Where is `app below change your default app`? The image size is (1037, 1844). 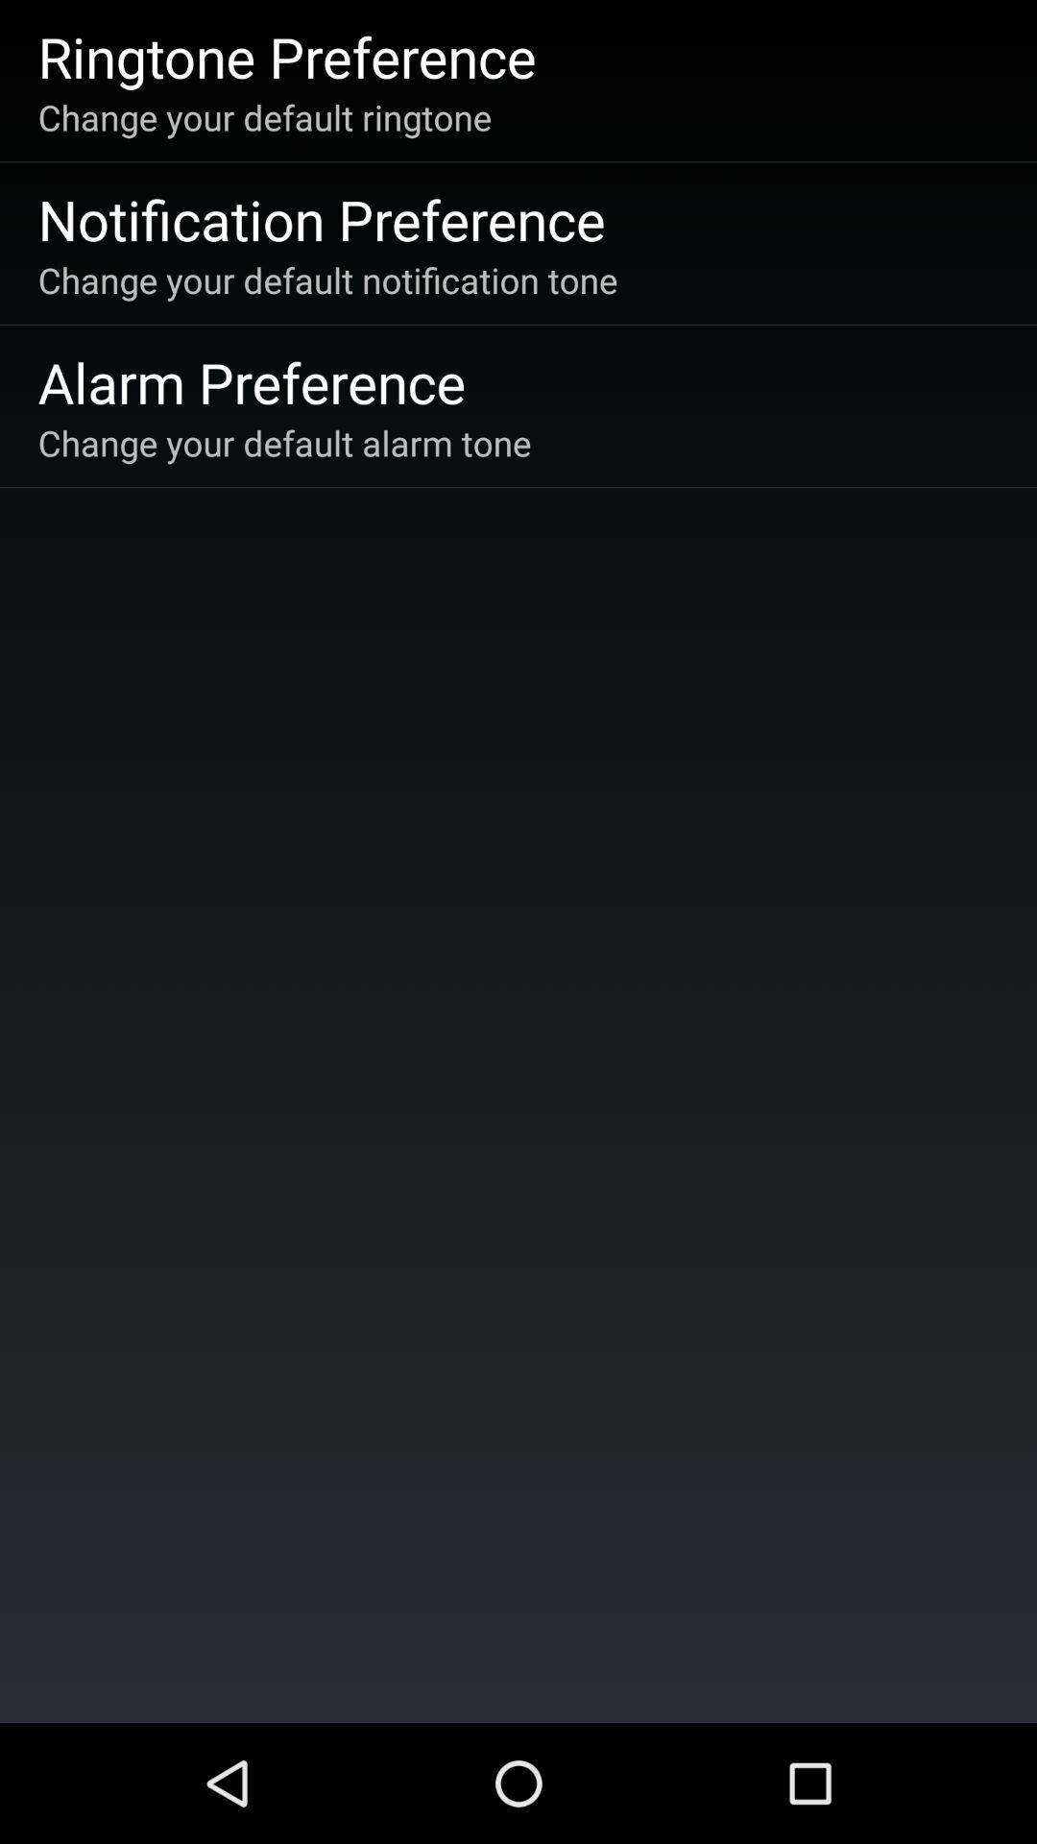 app below change your default app is located at coordinates (321, 219).